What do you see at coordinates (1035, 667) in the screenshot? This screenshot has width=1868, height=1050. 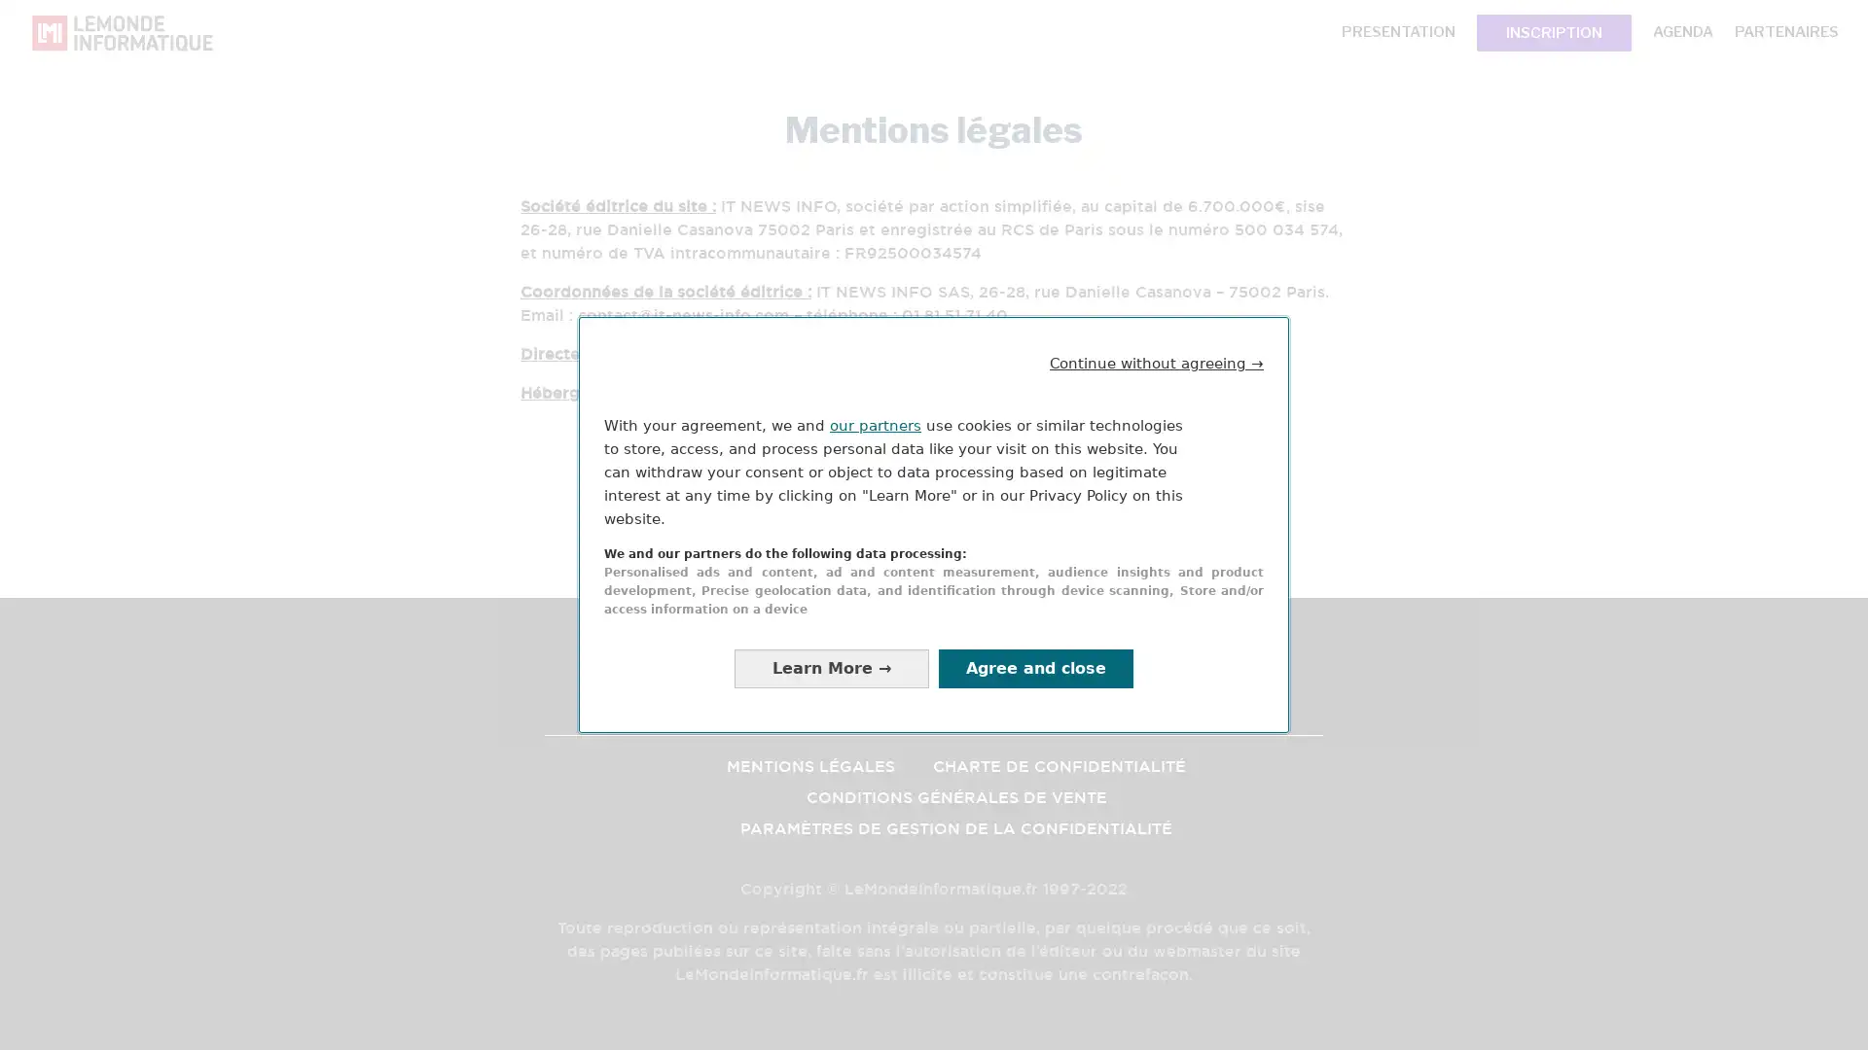 I see `Agree to our data processing and close` at bounding box center [1035, 667].